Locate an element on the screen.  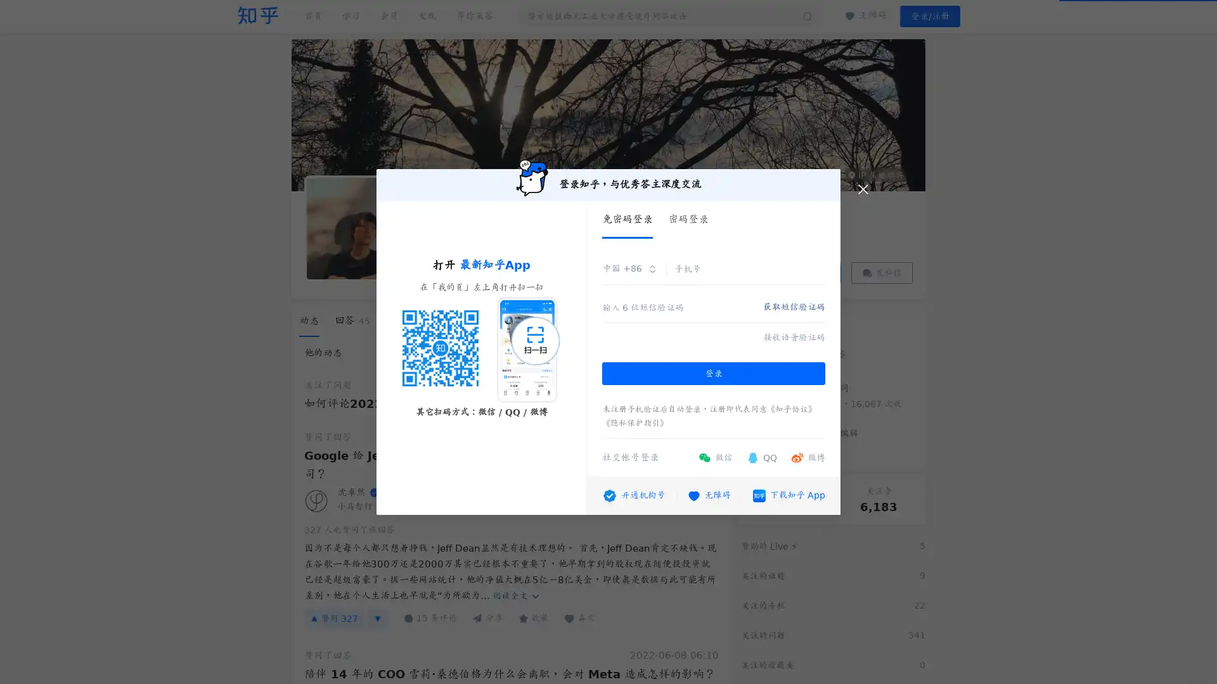
App is located at coordinates (788, 495).